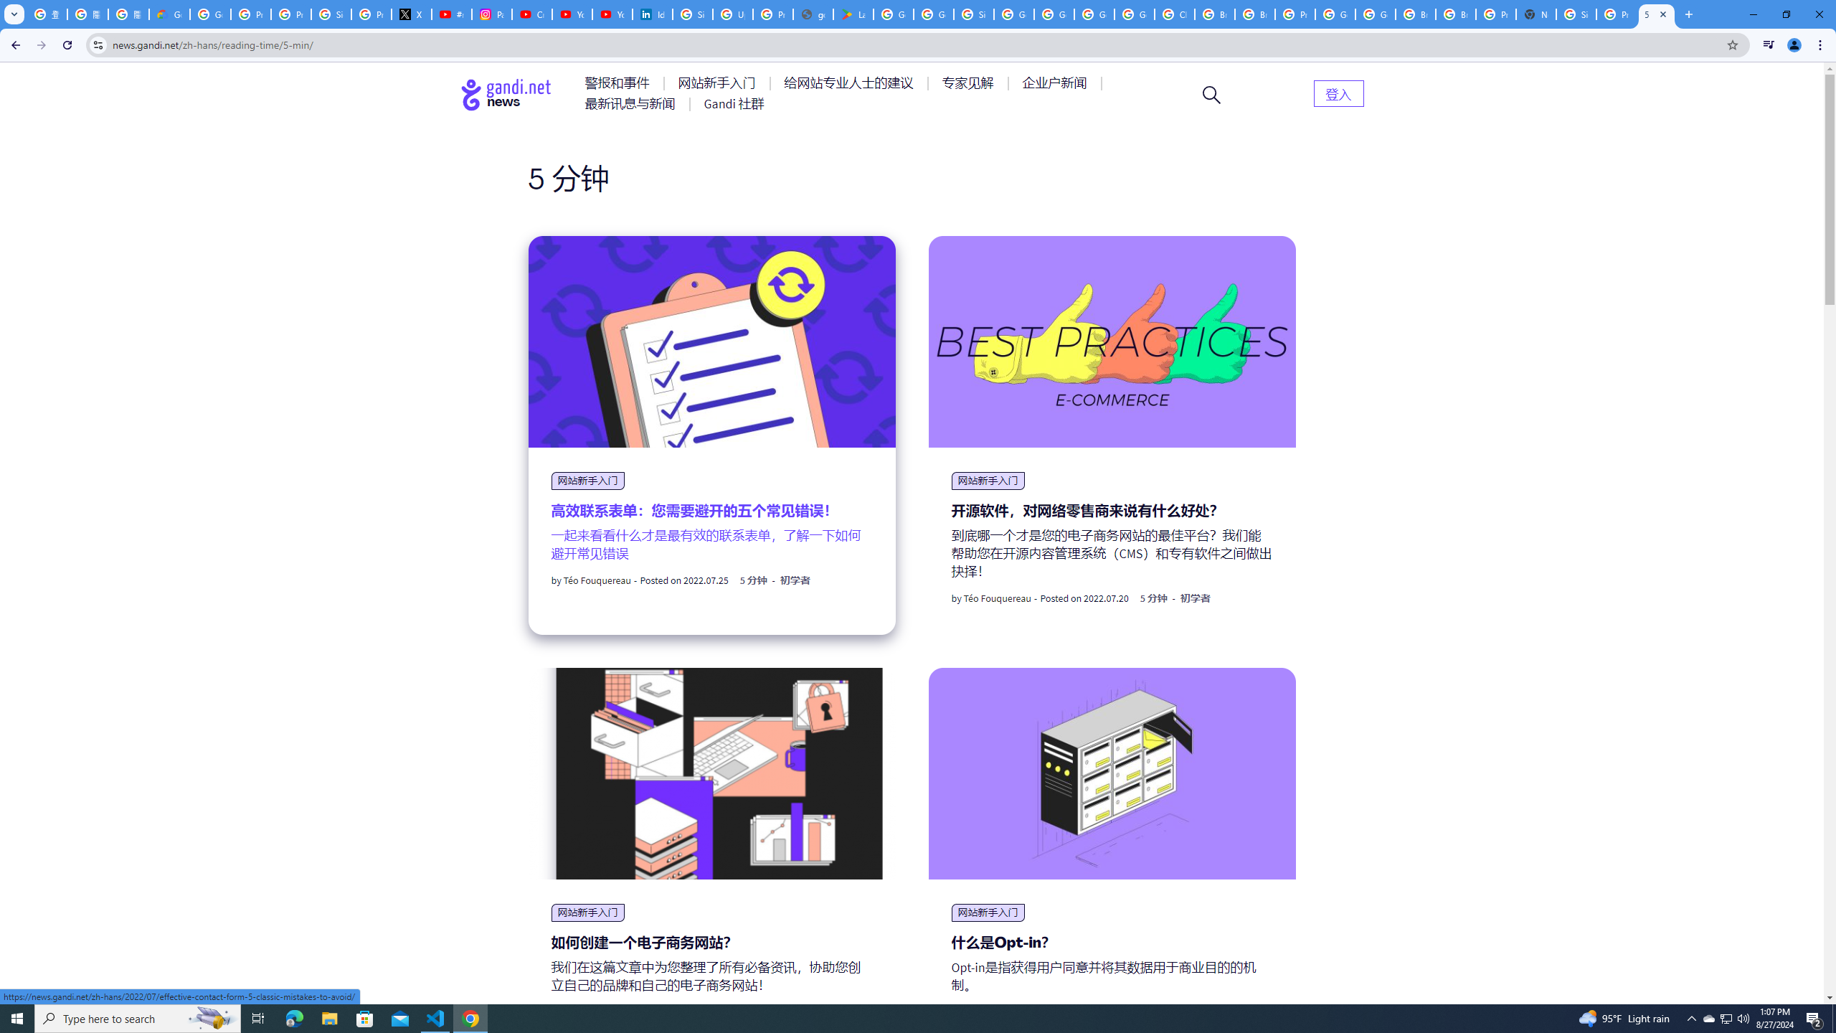 This screenshot has width=1836, height=1033. Describe the element at coordinates (813, 14) in the screenshot. I see `'google_privacy_policy_en.pdf'` at that location.